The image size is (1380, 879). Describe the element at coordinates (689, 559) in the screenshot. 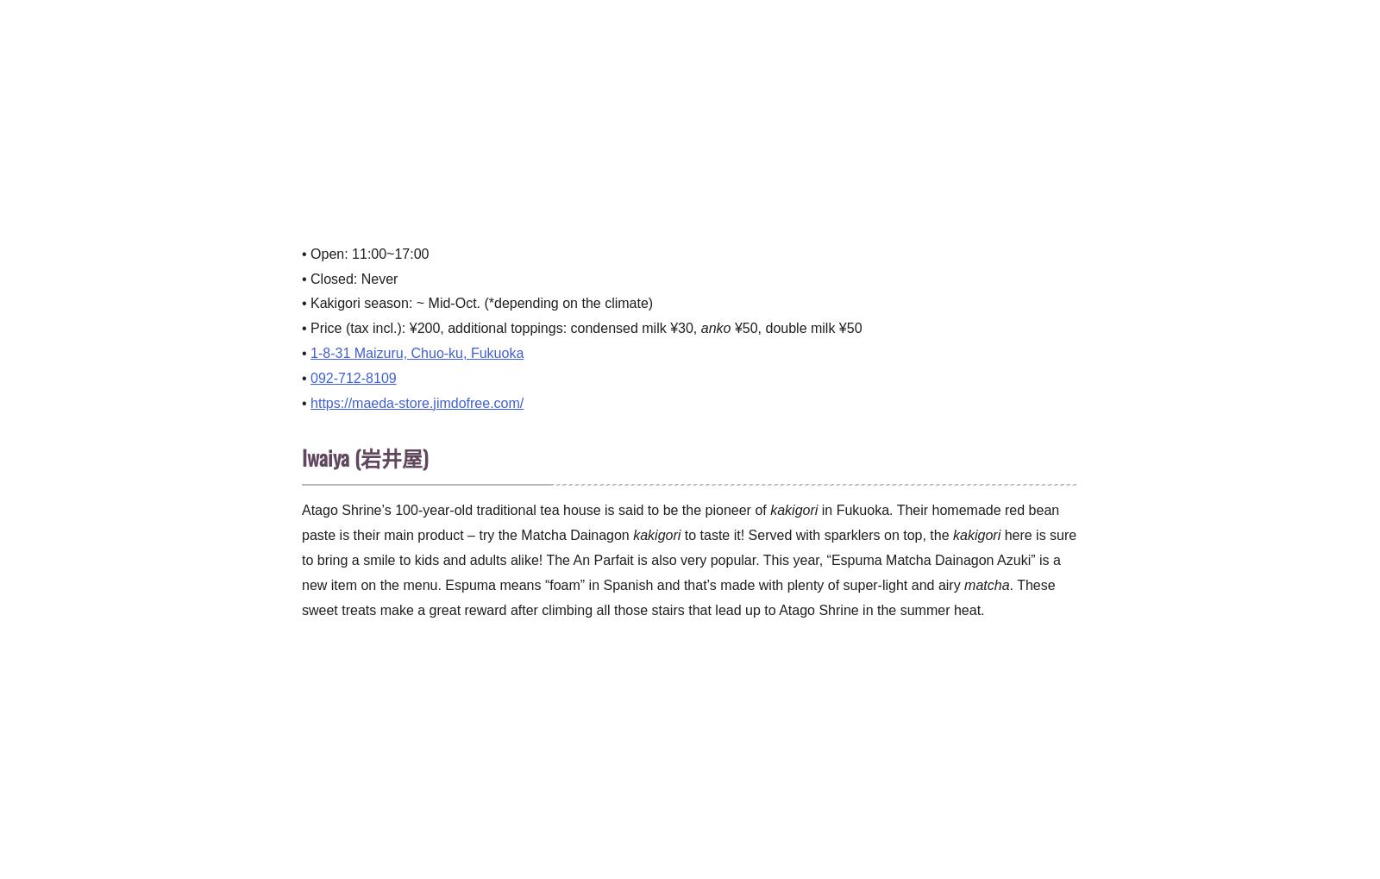

I see `'here is sure to bring a smile to kids and adults alike! The An Parfait is also very popular. This year, “Espuma Matcha Dainagon Azuki” is a new item on the menu. Espuma means “foam” in Spanish and that’s made with plenty of super-light and airy'` at that location.